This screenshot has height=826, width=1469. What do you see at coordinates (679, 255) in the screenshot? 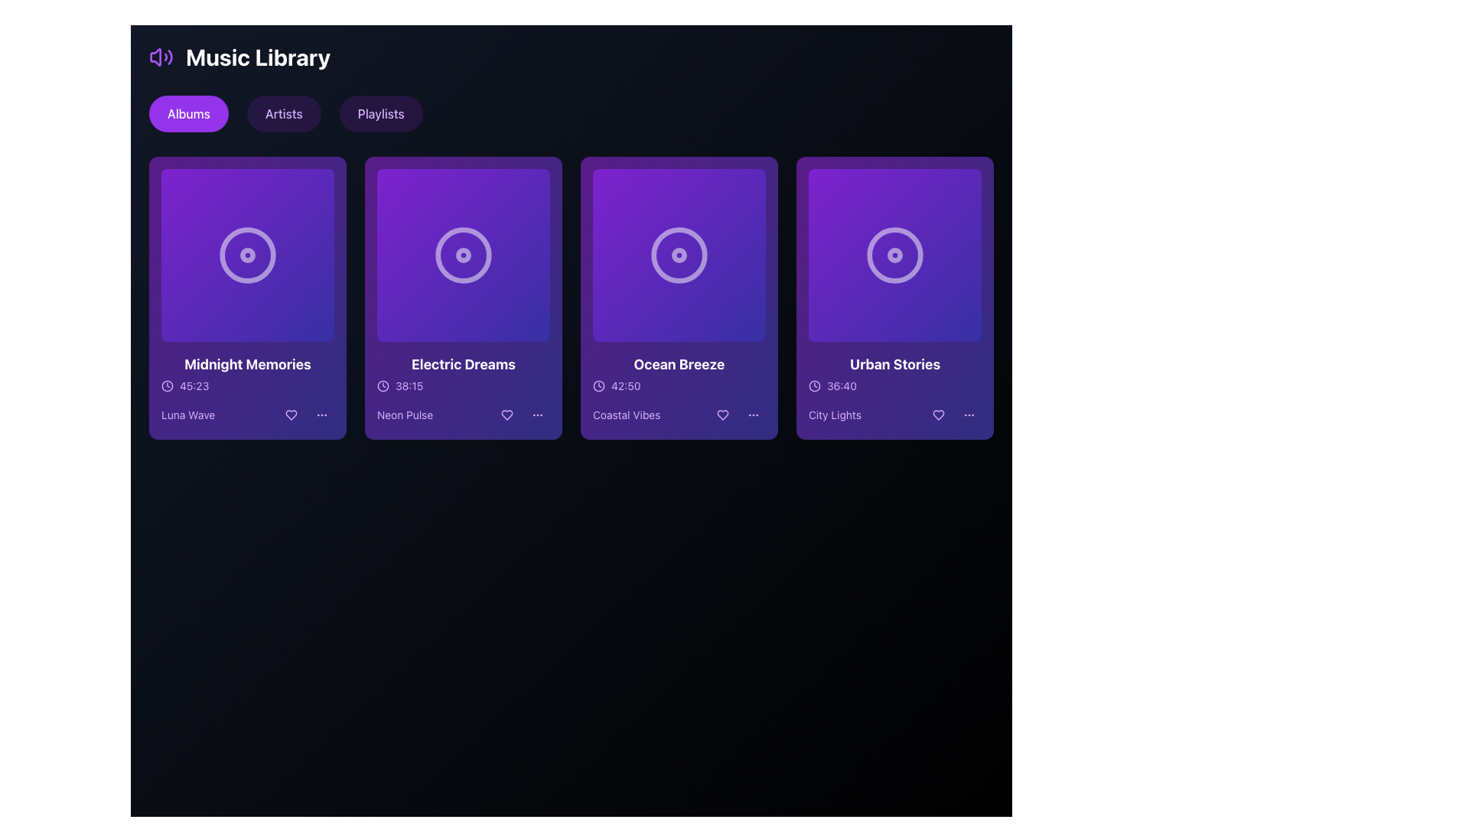
I see `the triangular play icon pointing to the right, which is centrally positioned within a circular outline on the 'Ocean Breeze' card` at bounding box center [679, 255].